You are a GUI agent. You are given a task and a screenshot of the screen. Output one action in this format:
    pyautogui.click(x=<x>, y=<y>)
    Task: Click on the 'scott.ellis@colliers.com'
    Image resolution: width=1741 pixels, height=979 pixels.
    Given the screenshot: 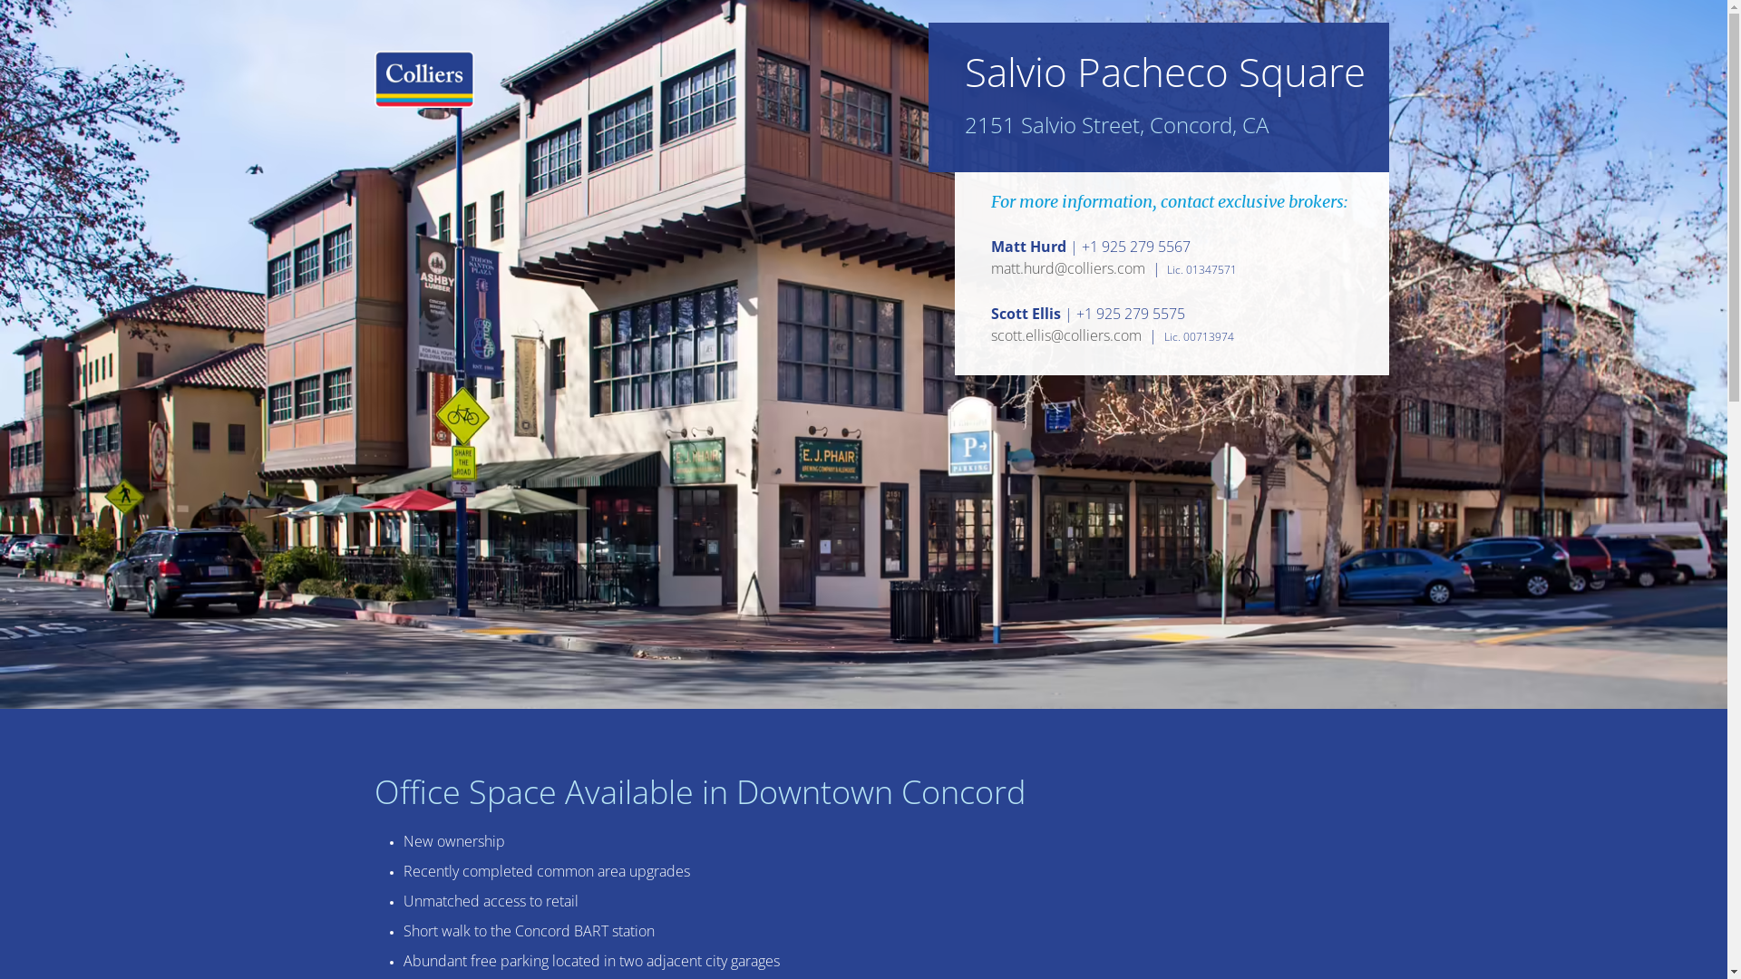 What is the action you would take?
    pyautogui.click(x=990, y=335)
    